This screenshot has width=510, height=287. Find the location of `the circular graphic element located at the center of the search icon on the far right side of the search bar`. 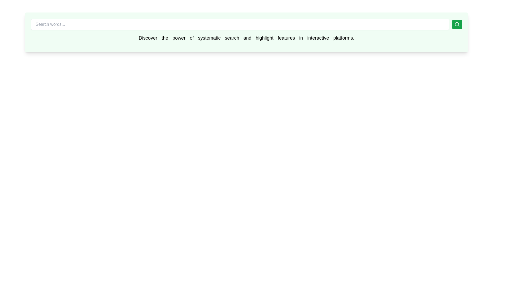

the circular graphic element located at the center of the search icon on the far right side of the search bar is located at coordinates (457, 24).